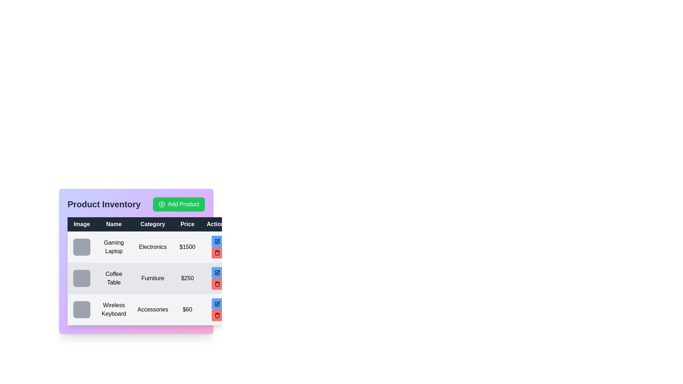 The height and width of the screenshot is (384, 683). What do you see at coordinates (82, 278) in the screenshot?
I see `the Image Placeholder element, which visually represents an image or icon` at bounding box center [82, 278].